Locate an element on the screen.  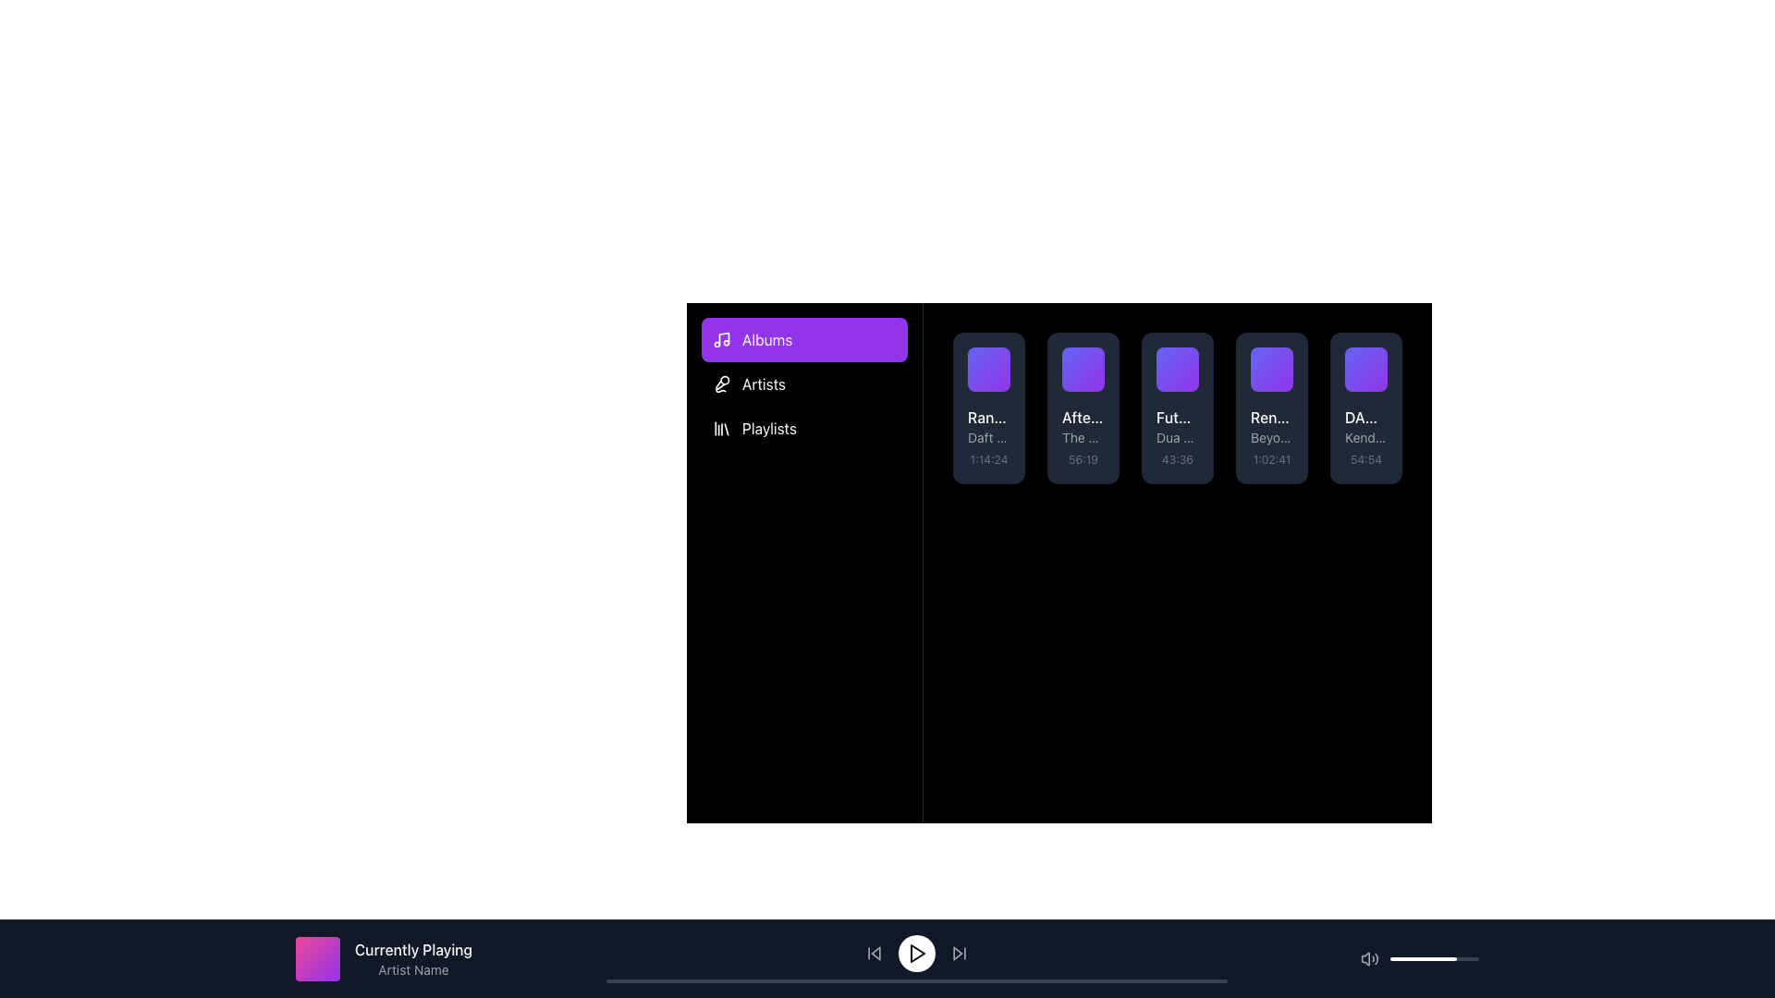
the favorite icon located at the top part of the first album card in the second main column of the interface, which toggles between liked and unliked statuses is located at coordinates (998, 359).